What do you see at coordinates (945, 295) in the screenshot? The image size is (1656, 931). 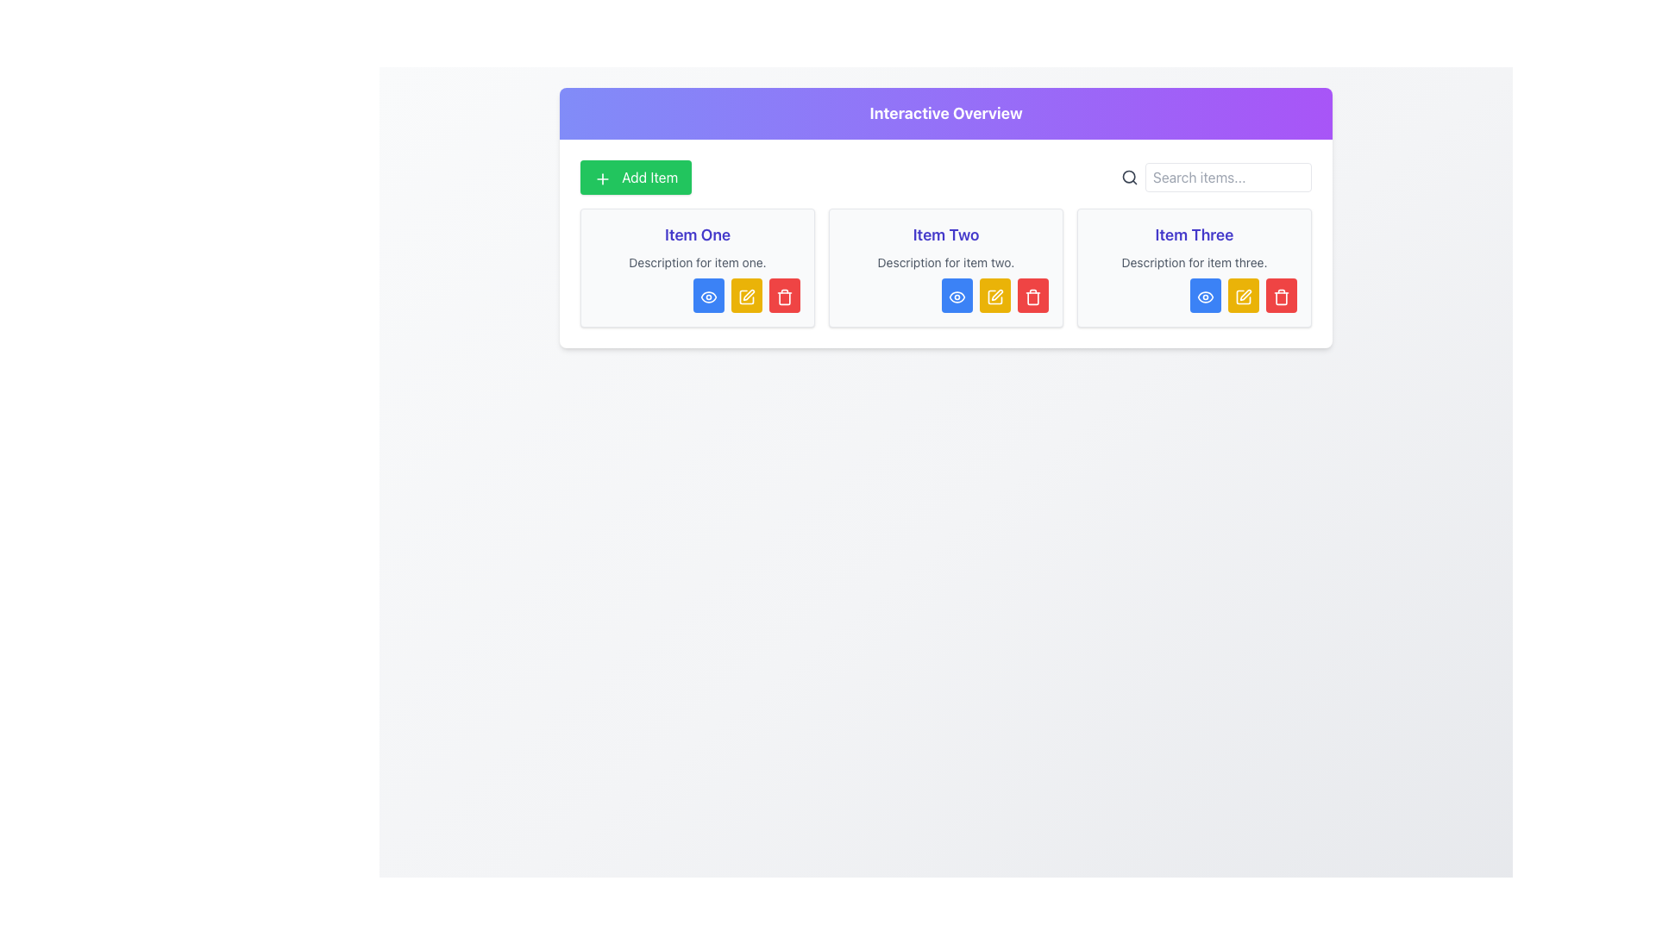 I see `the first button in the horizontal arrangement at the bottom-right of the card titled 'Item Two'` at bounding box center [945, 295].